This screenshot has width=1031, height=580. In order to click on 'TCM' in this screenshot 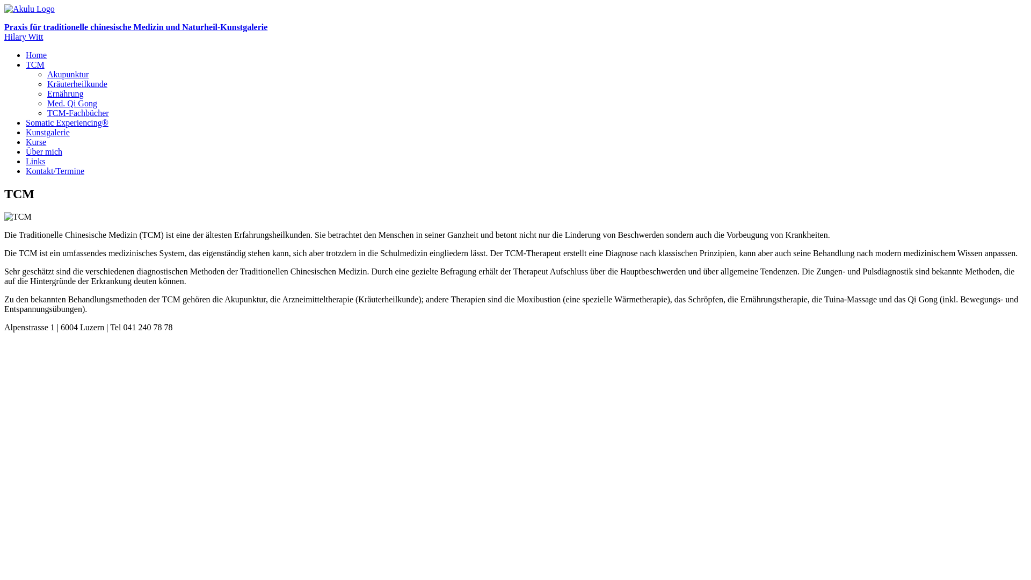, I will do `click(35, 64)`.